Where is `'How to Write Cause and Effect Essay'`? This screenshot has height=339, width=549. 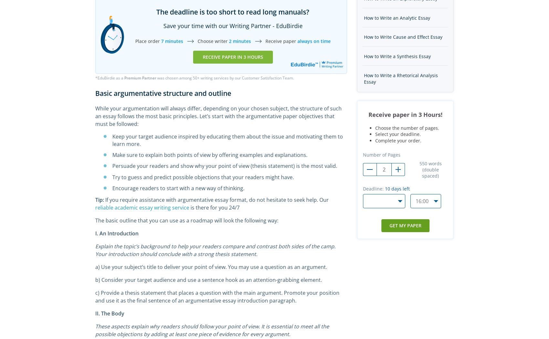
'How to Write Cause and Effect Essay' is located at coordinates (403, 36).